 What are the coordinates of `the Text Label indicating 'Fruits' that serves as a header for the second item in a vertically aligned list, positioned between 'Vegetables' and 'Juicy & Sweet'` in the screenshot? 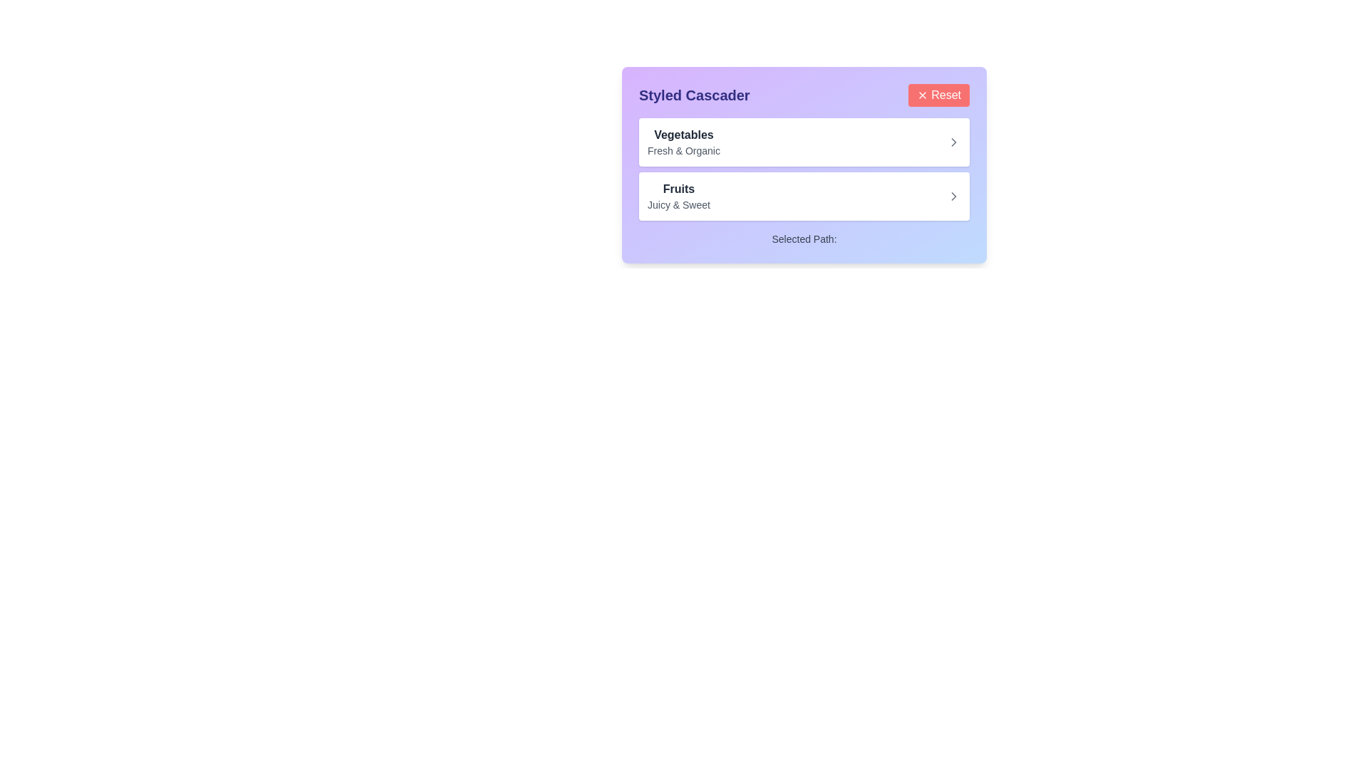 It's located at (678, 189).